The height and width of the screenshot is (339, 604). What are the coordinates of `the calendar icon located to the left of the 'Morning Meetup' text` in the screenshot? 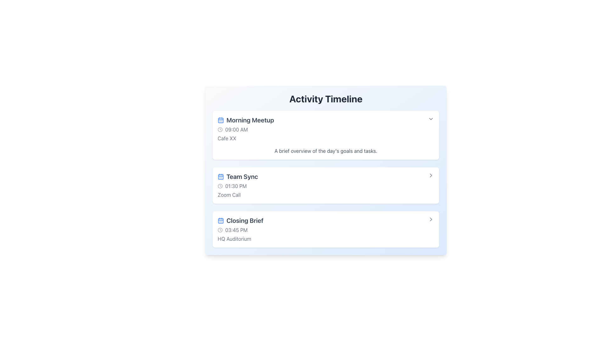 It's located at (221, 120).